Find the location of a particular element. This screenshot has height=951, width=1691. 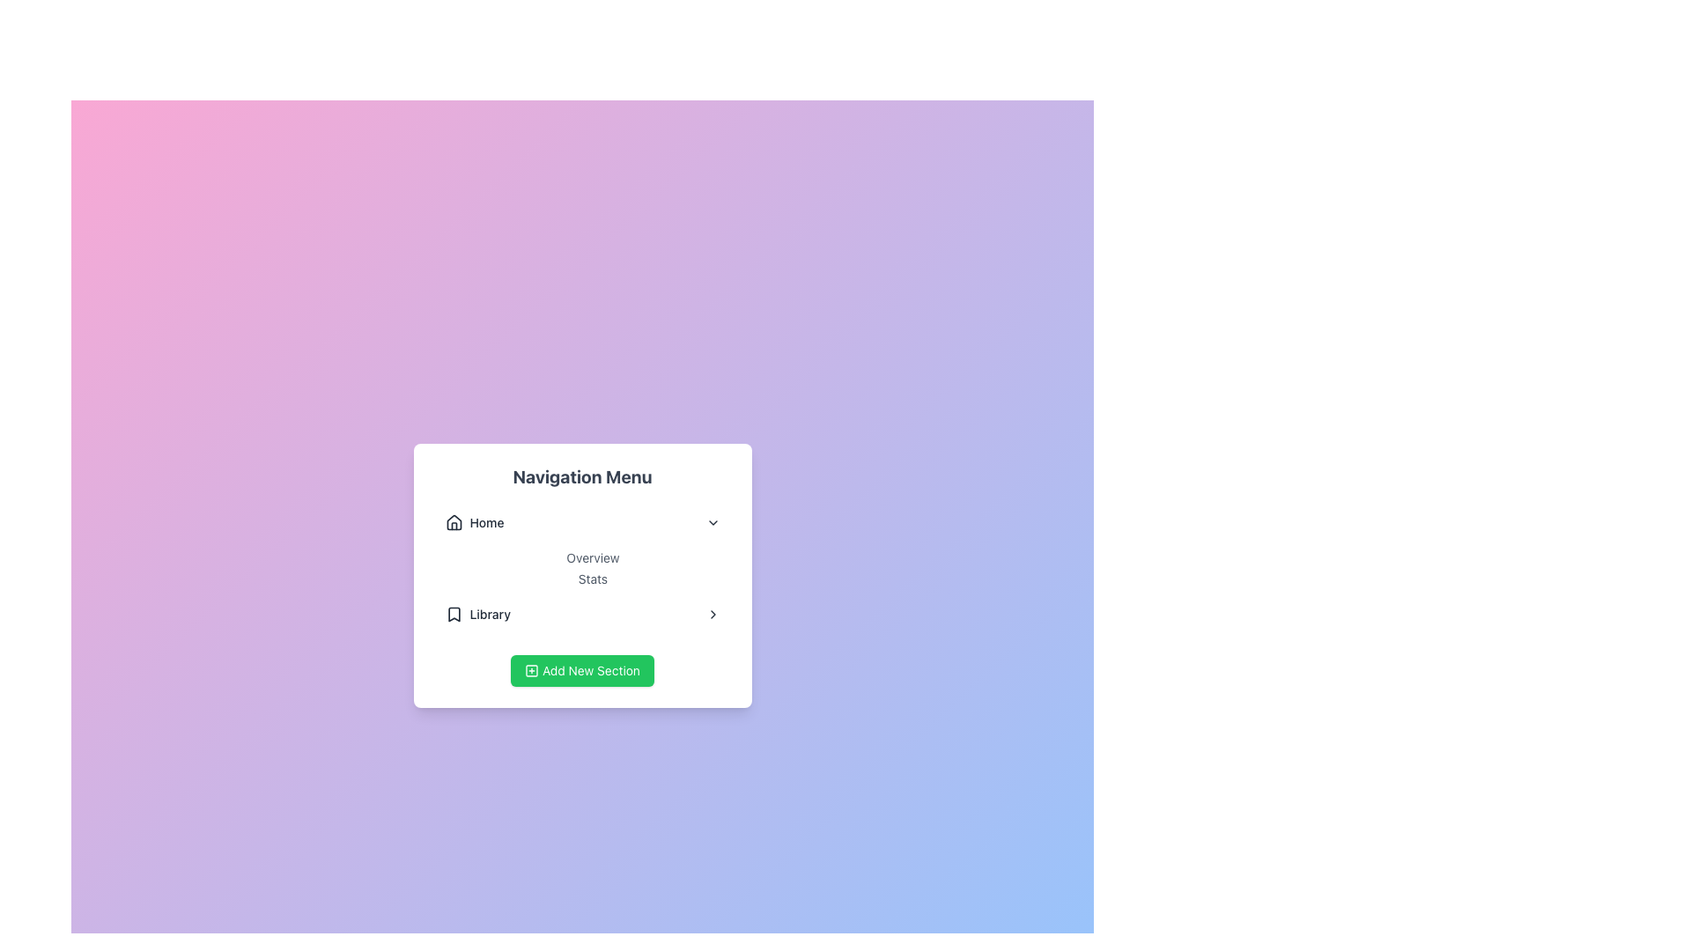

the 'Library' navigation link, which consists of the text label 'Library' and a bookmark icon, positioned beneath the 'Home' item and above the 'Add New Section' button is located at coordinates (477, 614).